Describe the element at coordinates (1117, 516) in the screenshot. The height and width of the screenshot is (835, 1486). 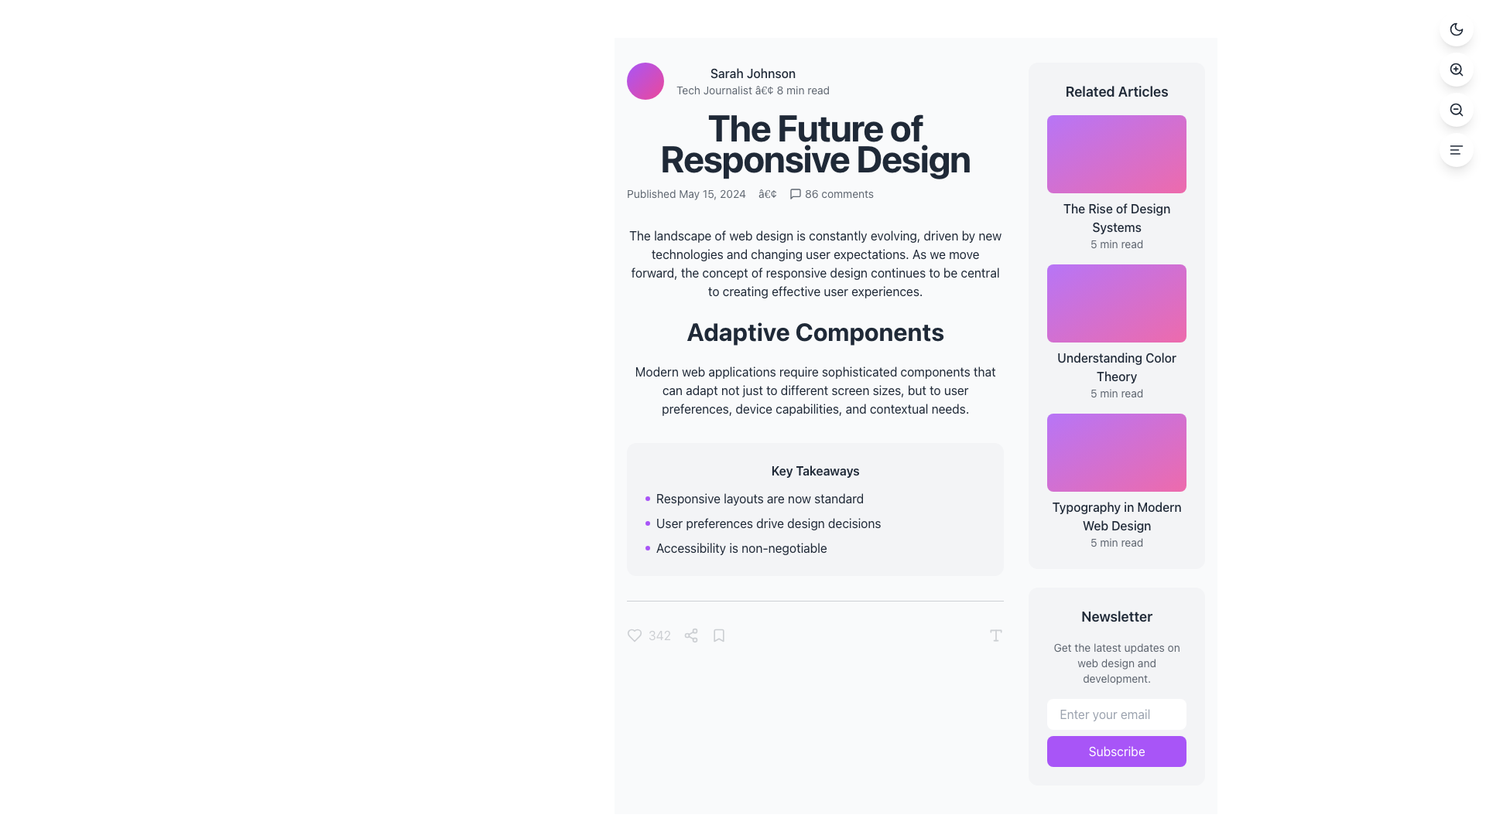
I see `the third article link titled 'Typography in Modern Web Design' located in the 'Related Articles' section` at that location.